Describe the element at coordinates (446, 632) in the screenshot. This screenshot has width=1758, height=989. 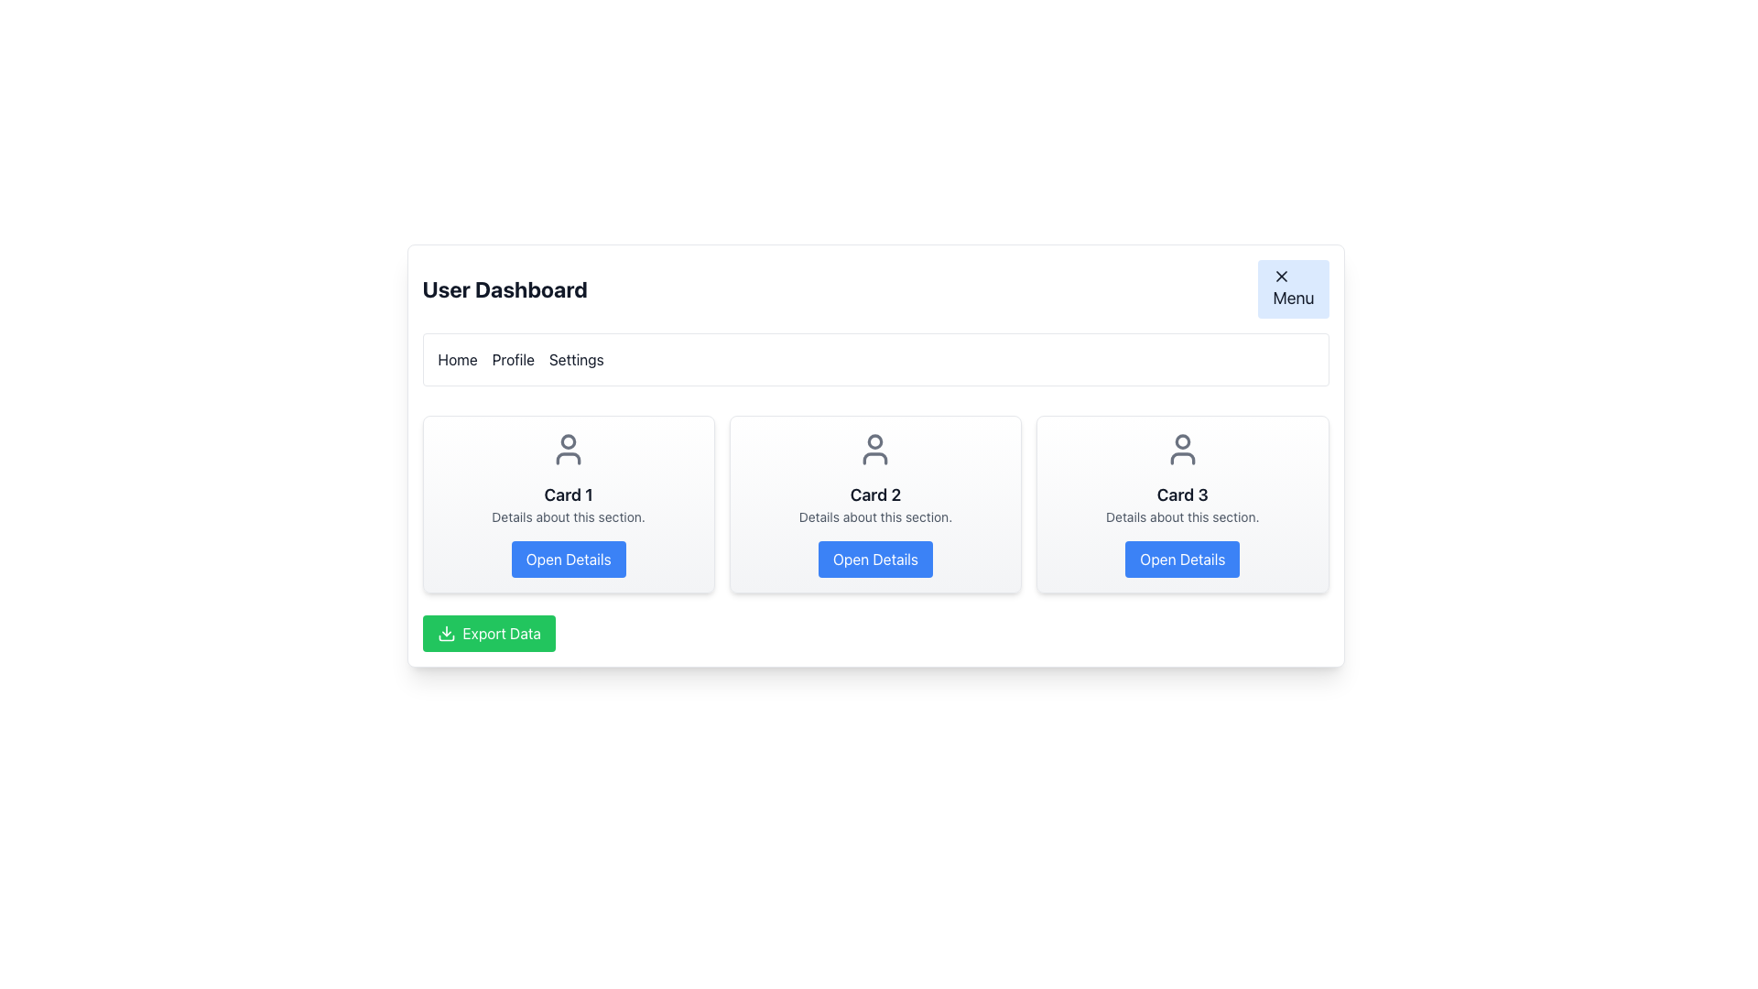
I see `the download SVG icon located within the green 'Export Data' button at the bottom-left corner of the main content area` at that location.